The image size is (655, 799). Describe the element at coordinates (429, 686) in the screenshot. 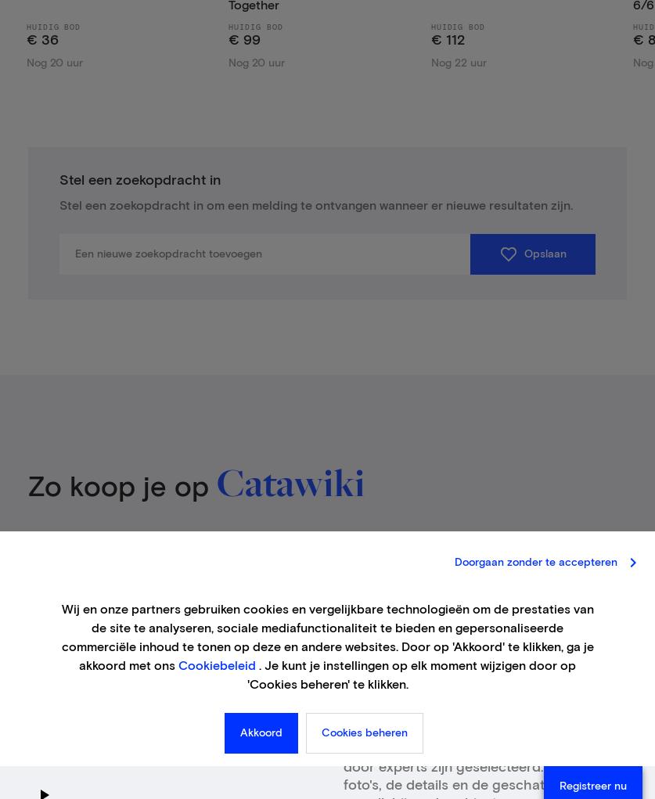

I see `'Ontdek iets bijzonders'` at that location.